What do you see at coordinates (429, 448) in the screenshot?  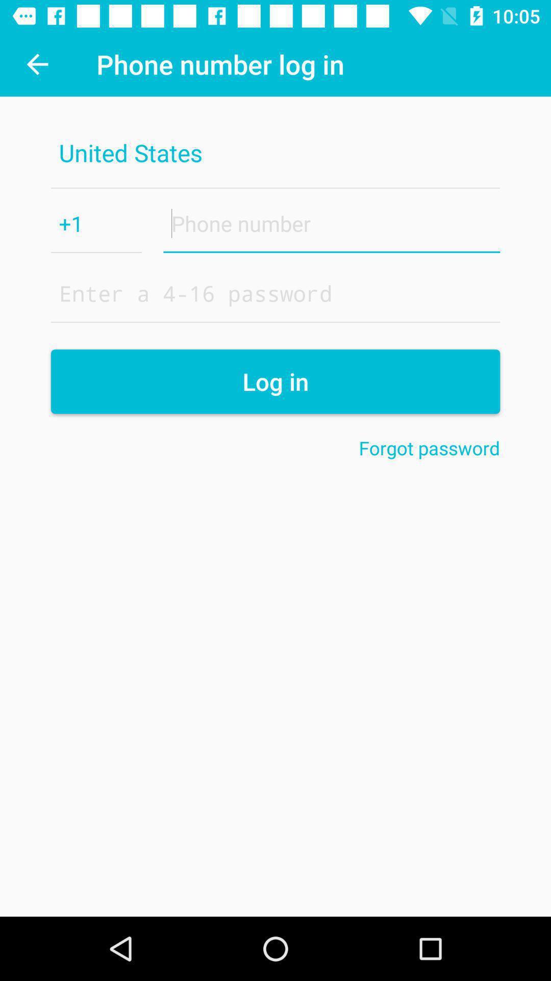 I see `the forgot password item` at bounding box center [429, 448].